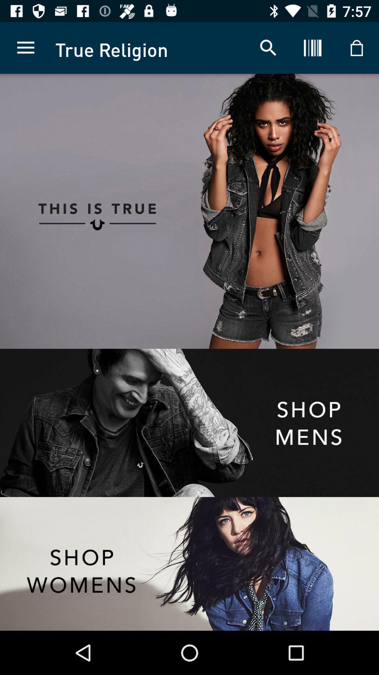 The height and width of the screenshot is (675, 379). What do you see at coordinates (189, 423) in the screenshot?
I see `shop mens` at bounding box center [189, 423].